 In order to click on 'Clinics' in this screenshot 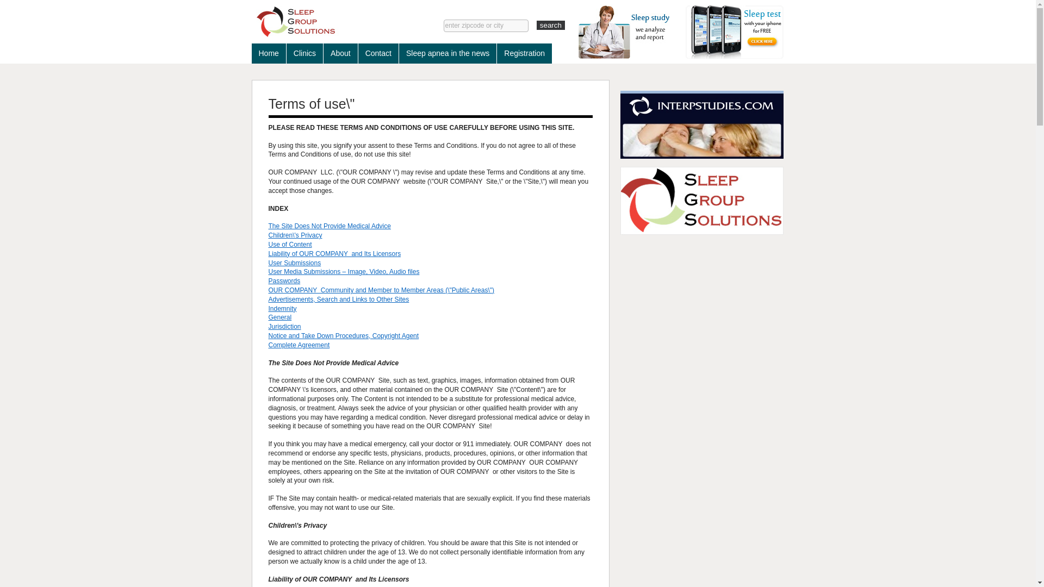, I will do `click(304, 53)`.